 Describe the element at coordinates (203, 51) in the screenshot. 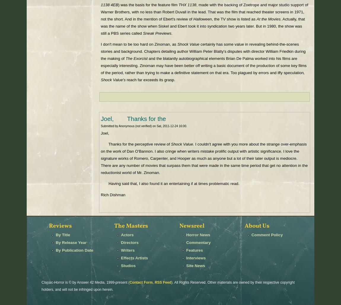

I see `'certainly has some value in revealing
behind-the-scenes stories and background.  Chapters detailing author
William Peter Blatty's disputes with director William Friedkin
during the making of'` at that location.